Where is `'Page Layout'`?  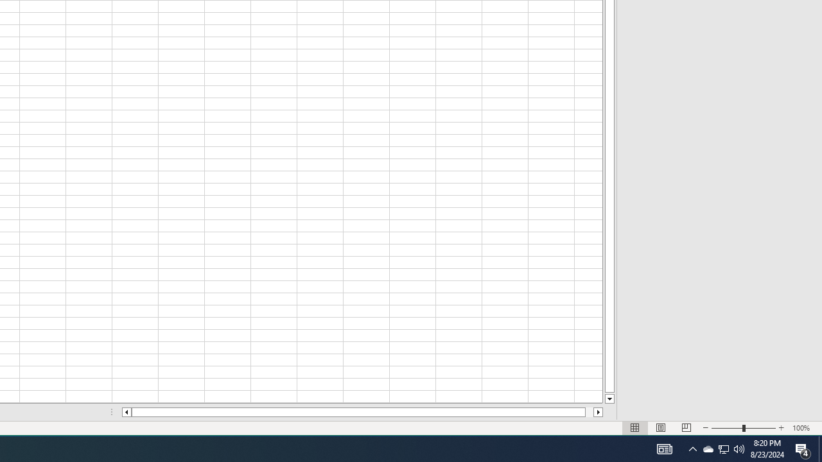
'Page Layout' is located at coordinates (661, 428).